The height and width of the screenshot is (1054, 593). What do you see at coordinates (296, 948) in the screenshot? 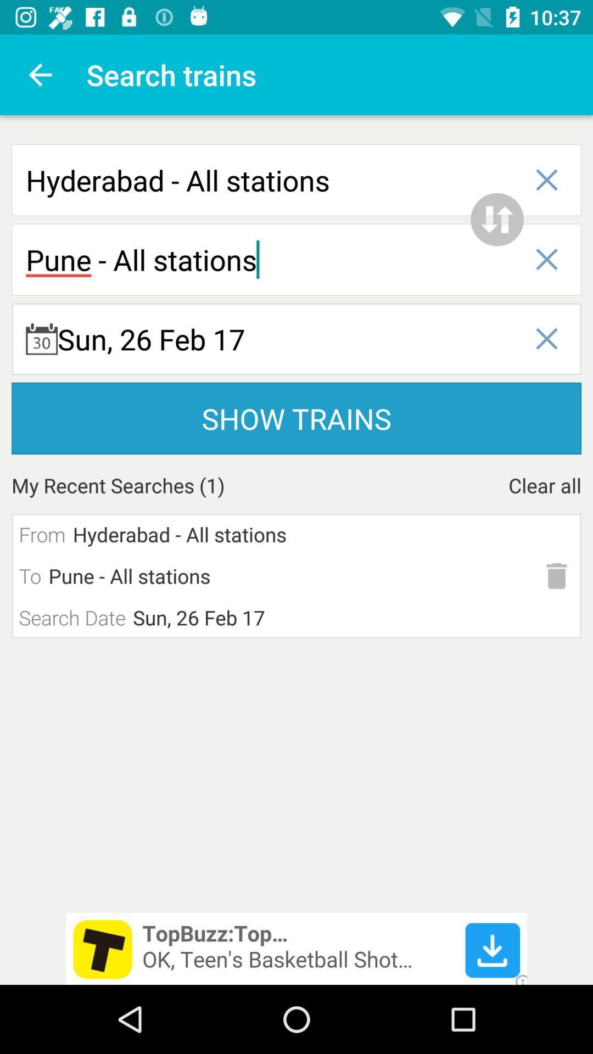
I see `open advertisements` at bounding box center [296, 948].